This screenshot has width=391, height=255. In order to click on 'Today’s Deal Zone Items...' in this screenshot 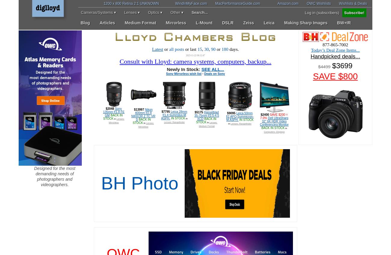, I will do `click(335, 50)`.